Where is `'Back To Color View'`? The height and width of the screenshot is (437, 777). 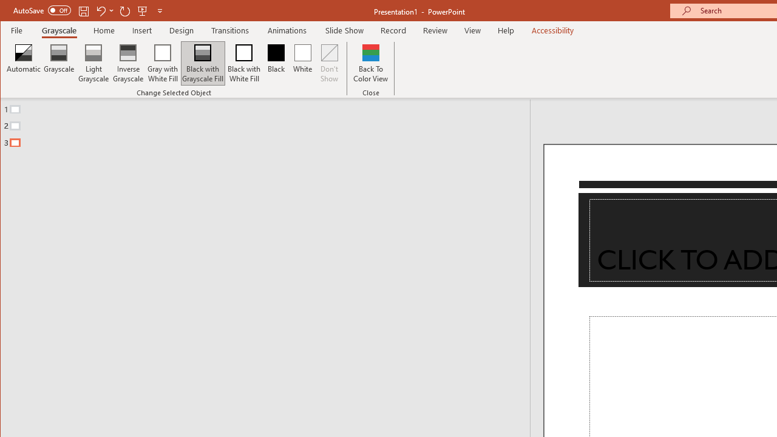
'Back To Color View' is located at coordinates (370, 63).